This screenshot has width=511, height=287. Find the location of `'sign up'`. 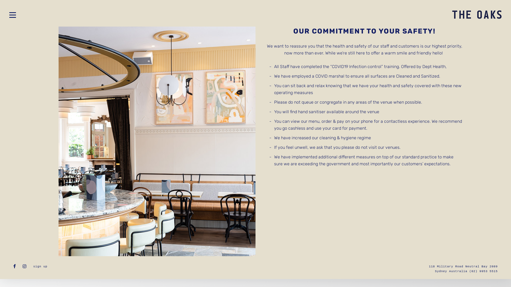

'sign up' is located at coordinates (40, 266).